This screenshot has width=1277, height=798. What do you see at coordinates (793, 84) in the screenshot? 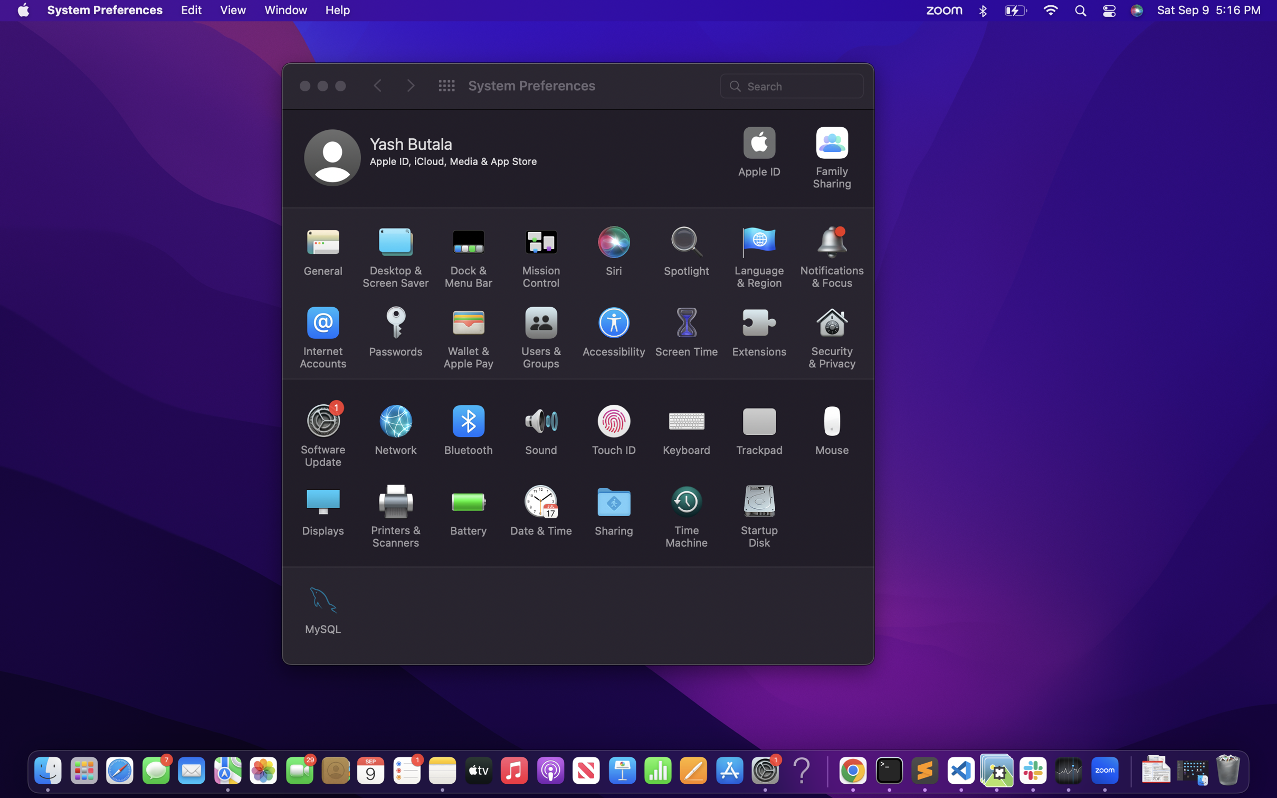
I see `In the search bar, find the application setting` at bounding box center [793, 84].